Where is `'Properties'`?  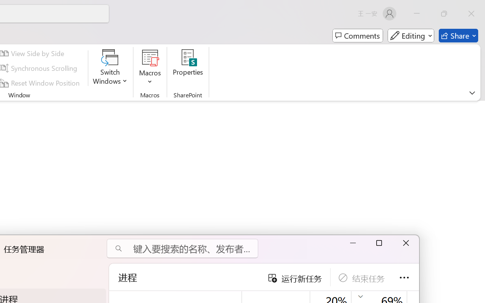
'Properties' is located at coordinates (188, 68).